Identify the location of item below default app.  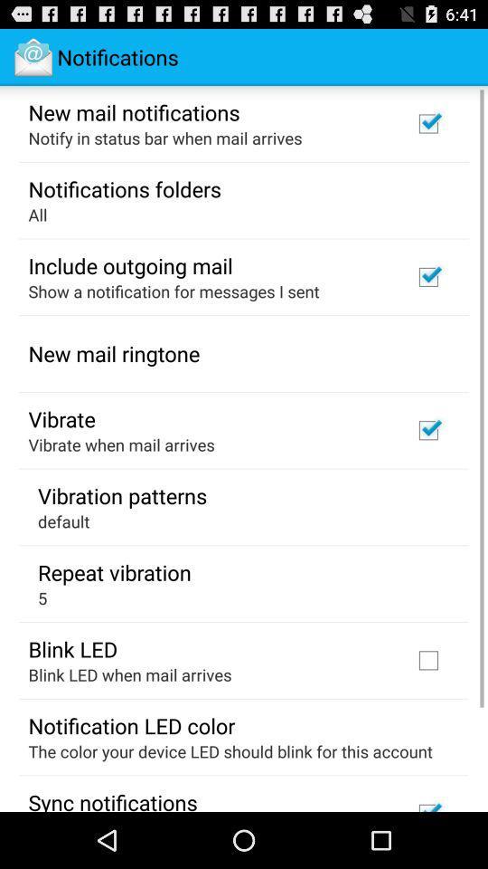
(114, 571).